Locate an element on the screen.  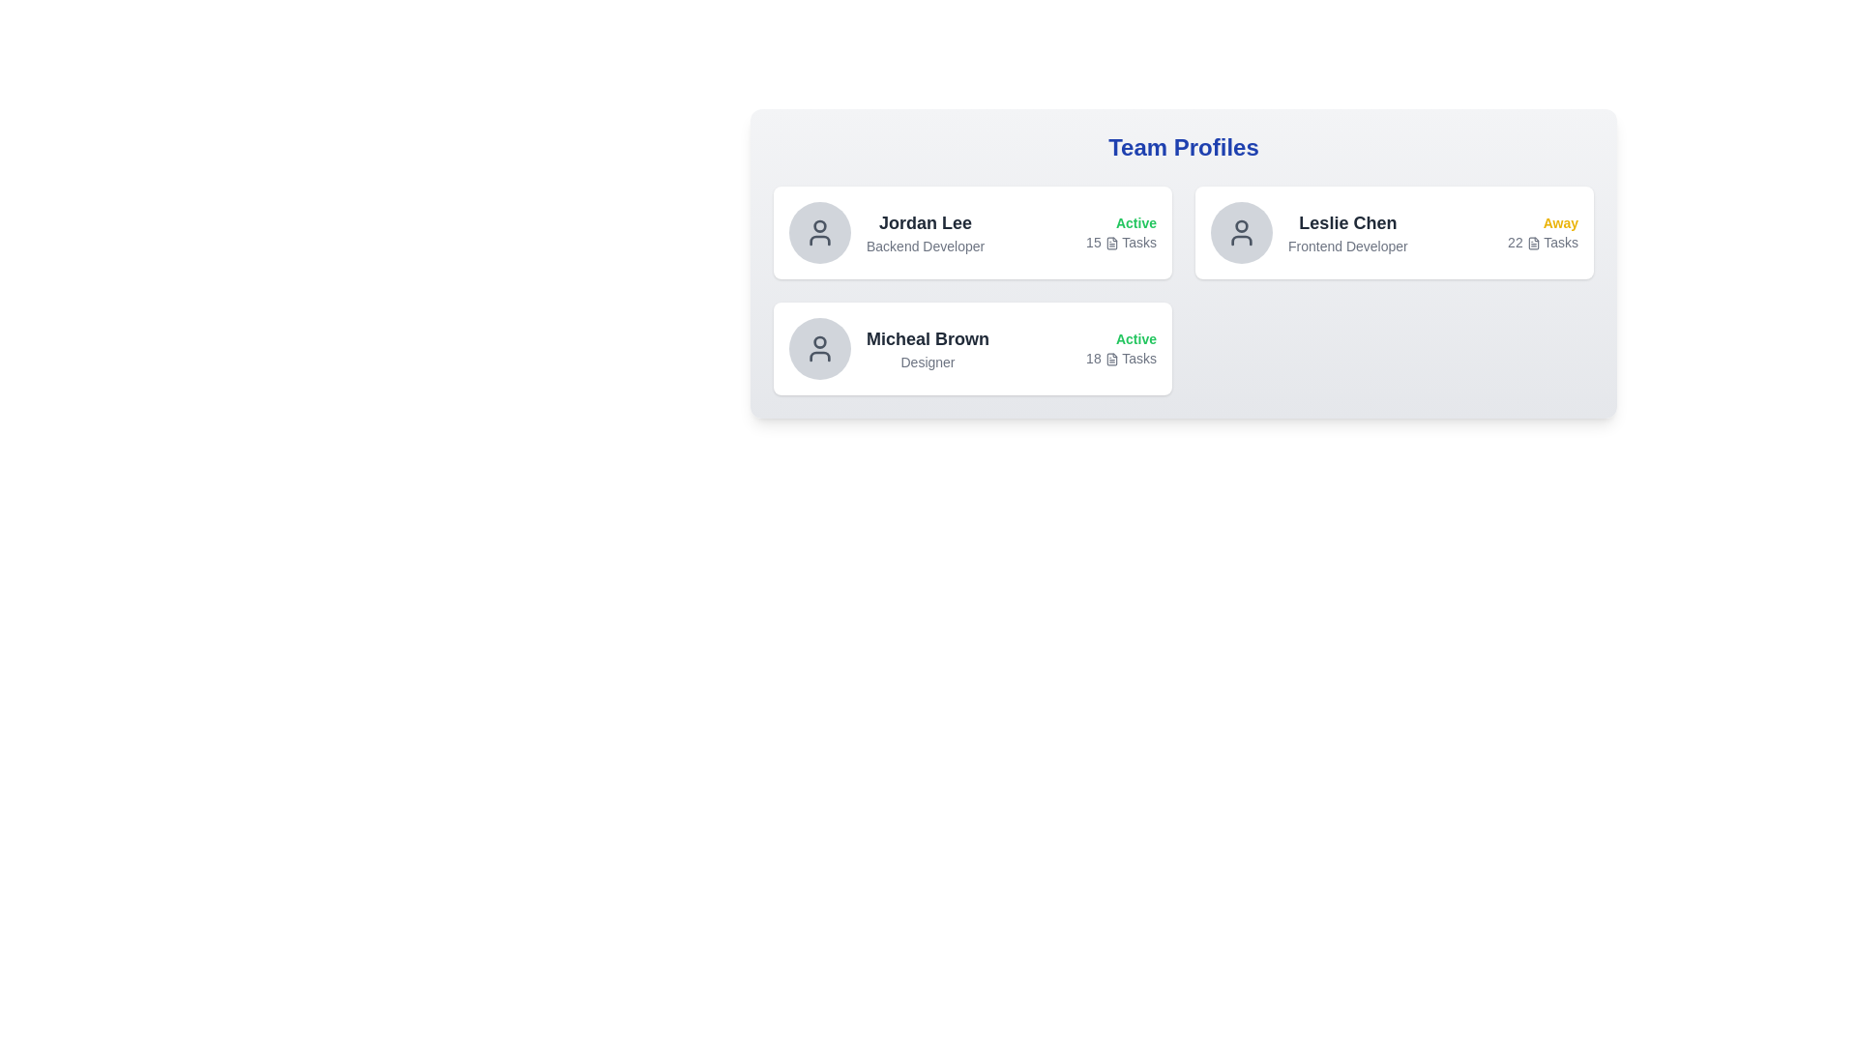
the Status and Task Information Display that shows 'Away' in bold yellow and '22 Tasks' in gray, positioned to the right of 'Leslie Chen, Frontend Developer' is located at coordinates (1491, 231).